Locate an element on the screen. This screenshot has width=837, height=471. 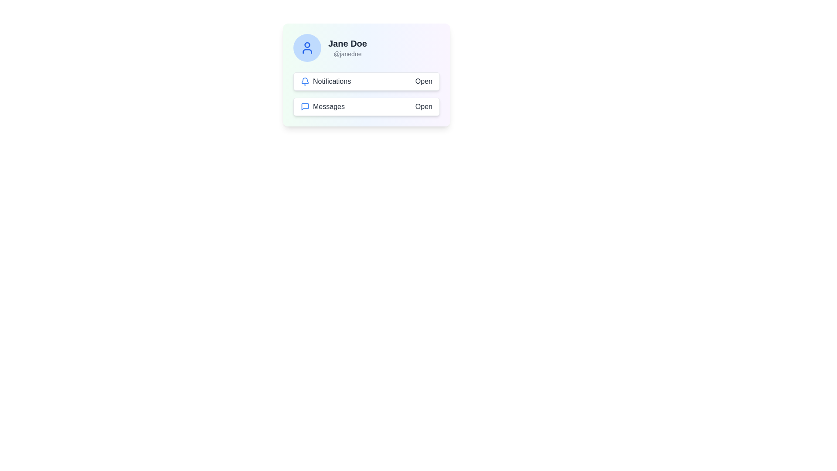
the text label displaying '@janedoe' located beneath 'Jane Doe' in the user profile card is located at coordinates (347, 54).